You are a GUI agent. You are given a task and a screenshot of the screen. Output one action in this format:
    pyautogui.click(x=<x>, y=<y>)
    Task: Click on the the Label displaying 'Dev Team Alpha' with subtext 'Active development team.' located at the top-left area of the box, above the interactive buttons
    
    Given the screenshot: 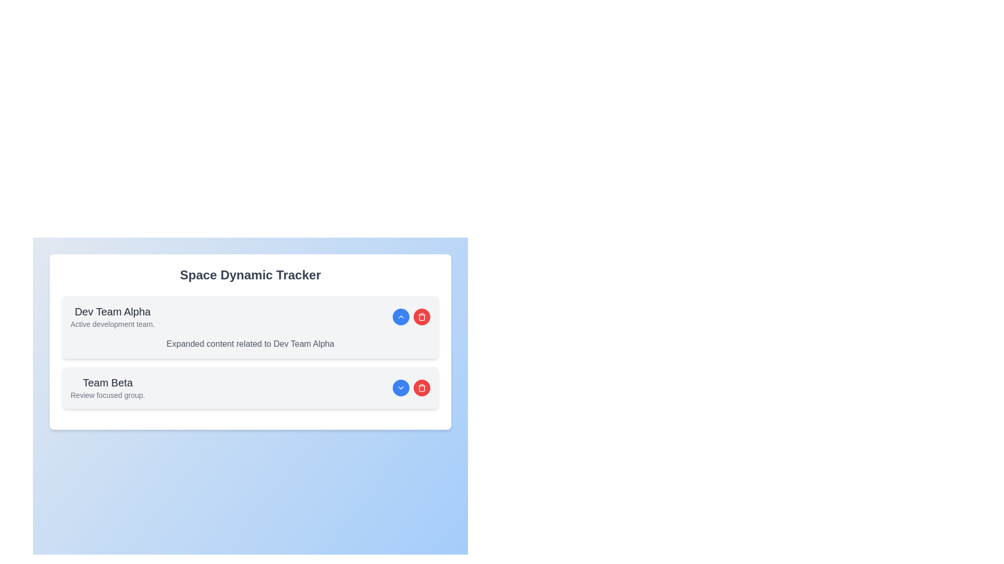 What is the action you would take?
    pyautogui.click(x=112, y=316)
    